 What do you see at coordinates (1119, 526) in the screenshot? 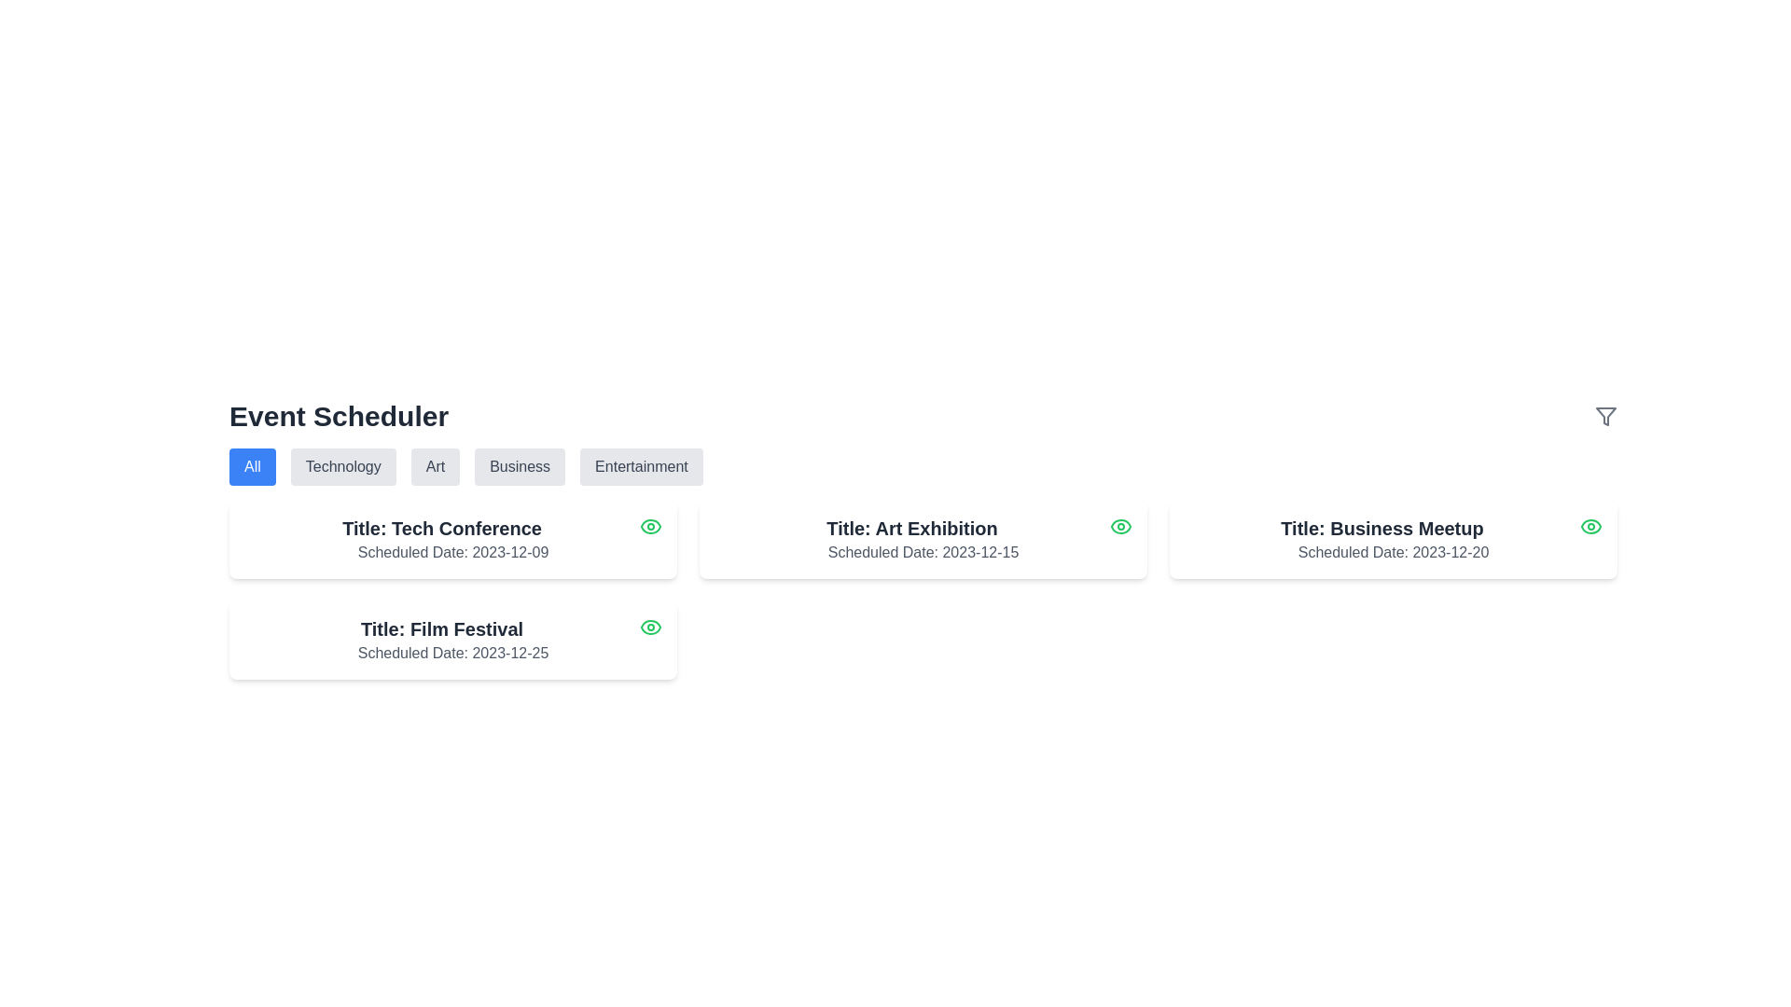
I see `the green eye icon located in the top-right corner of the 'Art Exhibition' card` at bounding box center [1119, 526].